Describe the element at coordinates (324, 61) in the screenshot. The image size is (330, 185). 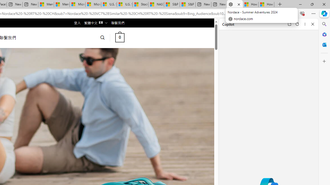
I see `'Customize'` at that location.